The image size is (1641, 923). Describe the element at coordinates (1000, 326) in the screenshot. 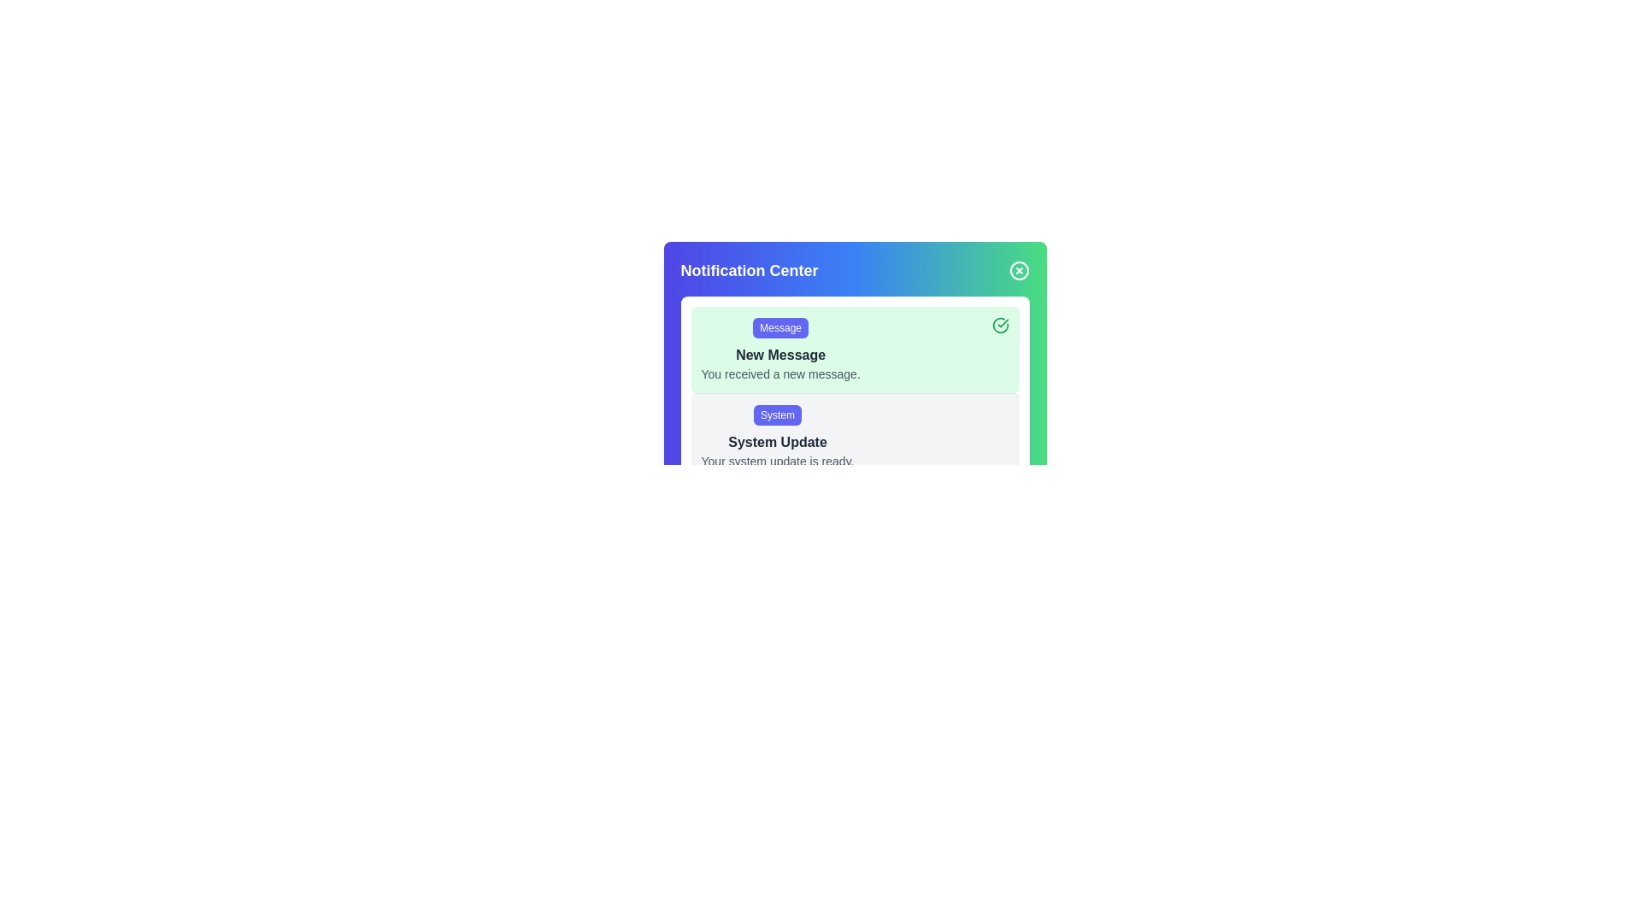

I see `the 'check circle' icon in the top-right corner of the 'New Message' card, which signifies a confirmation state` at that location.